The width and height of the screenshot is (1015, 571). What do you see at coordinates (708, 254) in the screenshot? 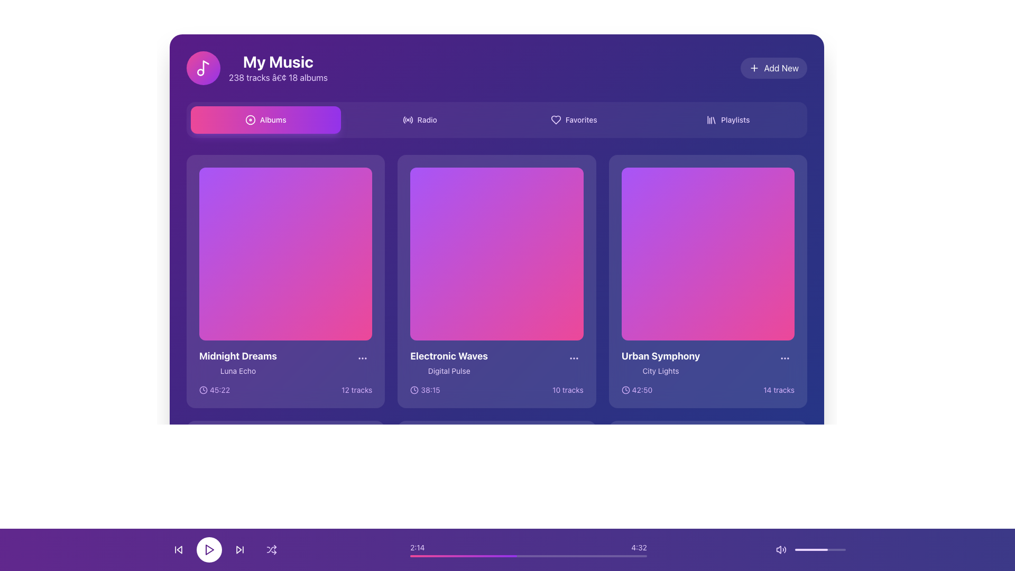
I see `the square block with a gradient background that transitions from purple to pink, which is the visual centerpiece of the card labeled 'Urban Symphony\nCity Lights' located in the third column` at bounding box center [708, 254].